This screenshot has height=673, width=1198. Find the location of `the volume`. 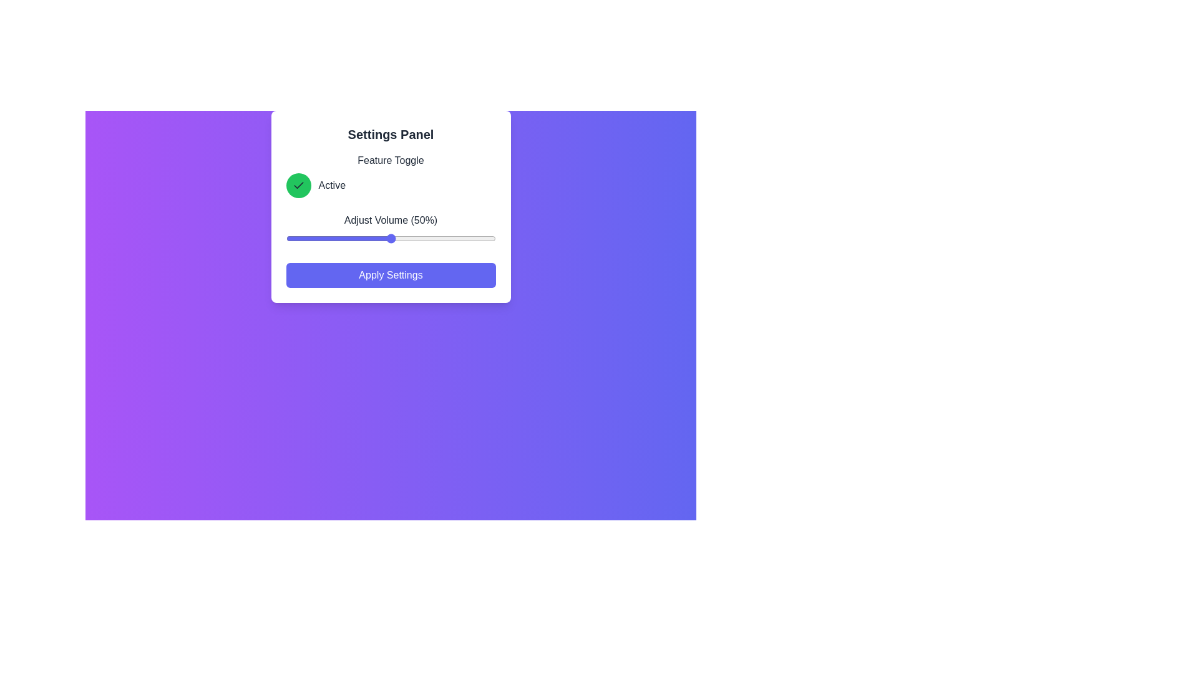

the volume is located at coordinates (428, 238).